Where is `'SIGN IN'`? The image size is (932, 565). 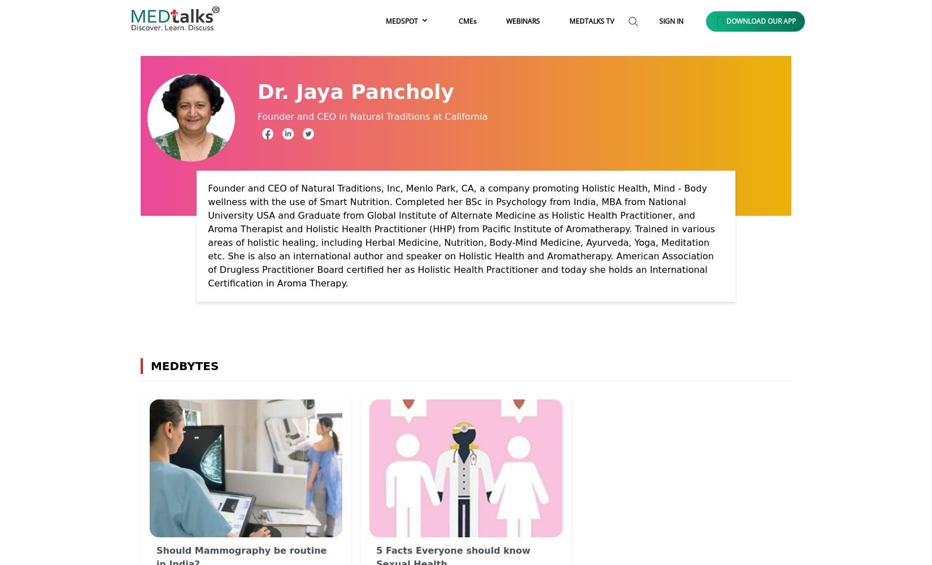
'SIGN IN' is located at coordinates (671, 20).